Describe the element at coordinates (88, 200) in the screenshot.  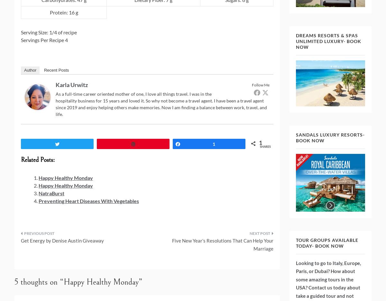
I see `'Preventing Heart Diseases With Vegetables'` at that location.